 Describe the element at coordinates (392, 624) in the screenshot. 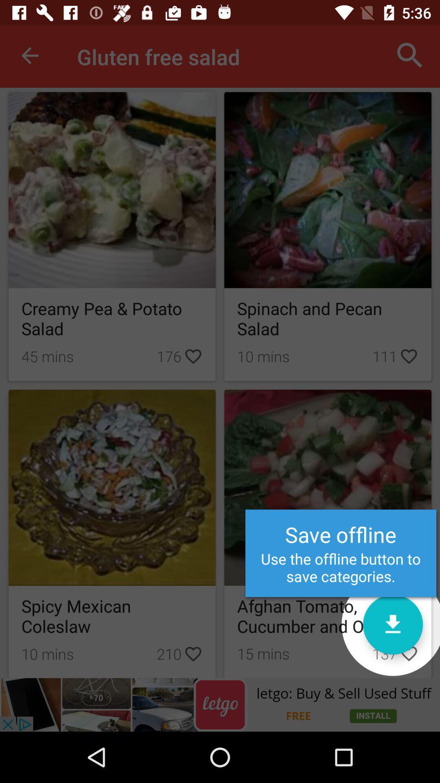

I see `the file_download icon` at that location.